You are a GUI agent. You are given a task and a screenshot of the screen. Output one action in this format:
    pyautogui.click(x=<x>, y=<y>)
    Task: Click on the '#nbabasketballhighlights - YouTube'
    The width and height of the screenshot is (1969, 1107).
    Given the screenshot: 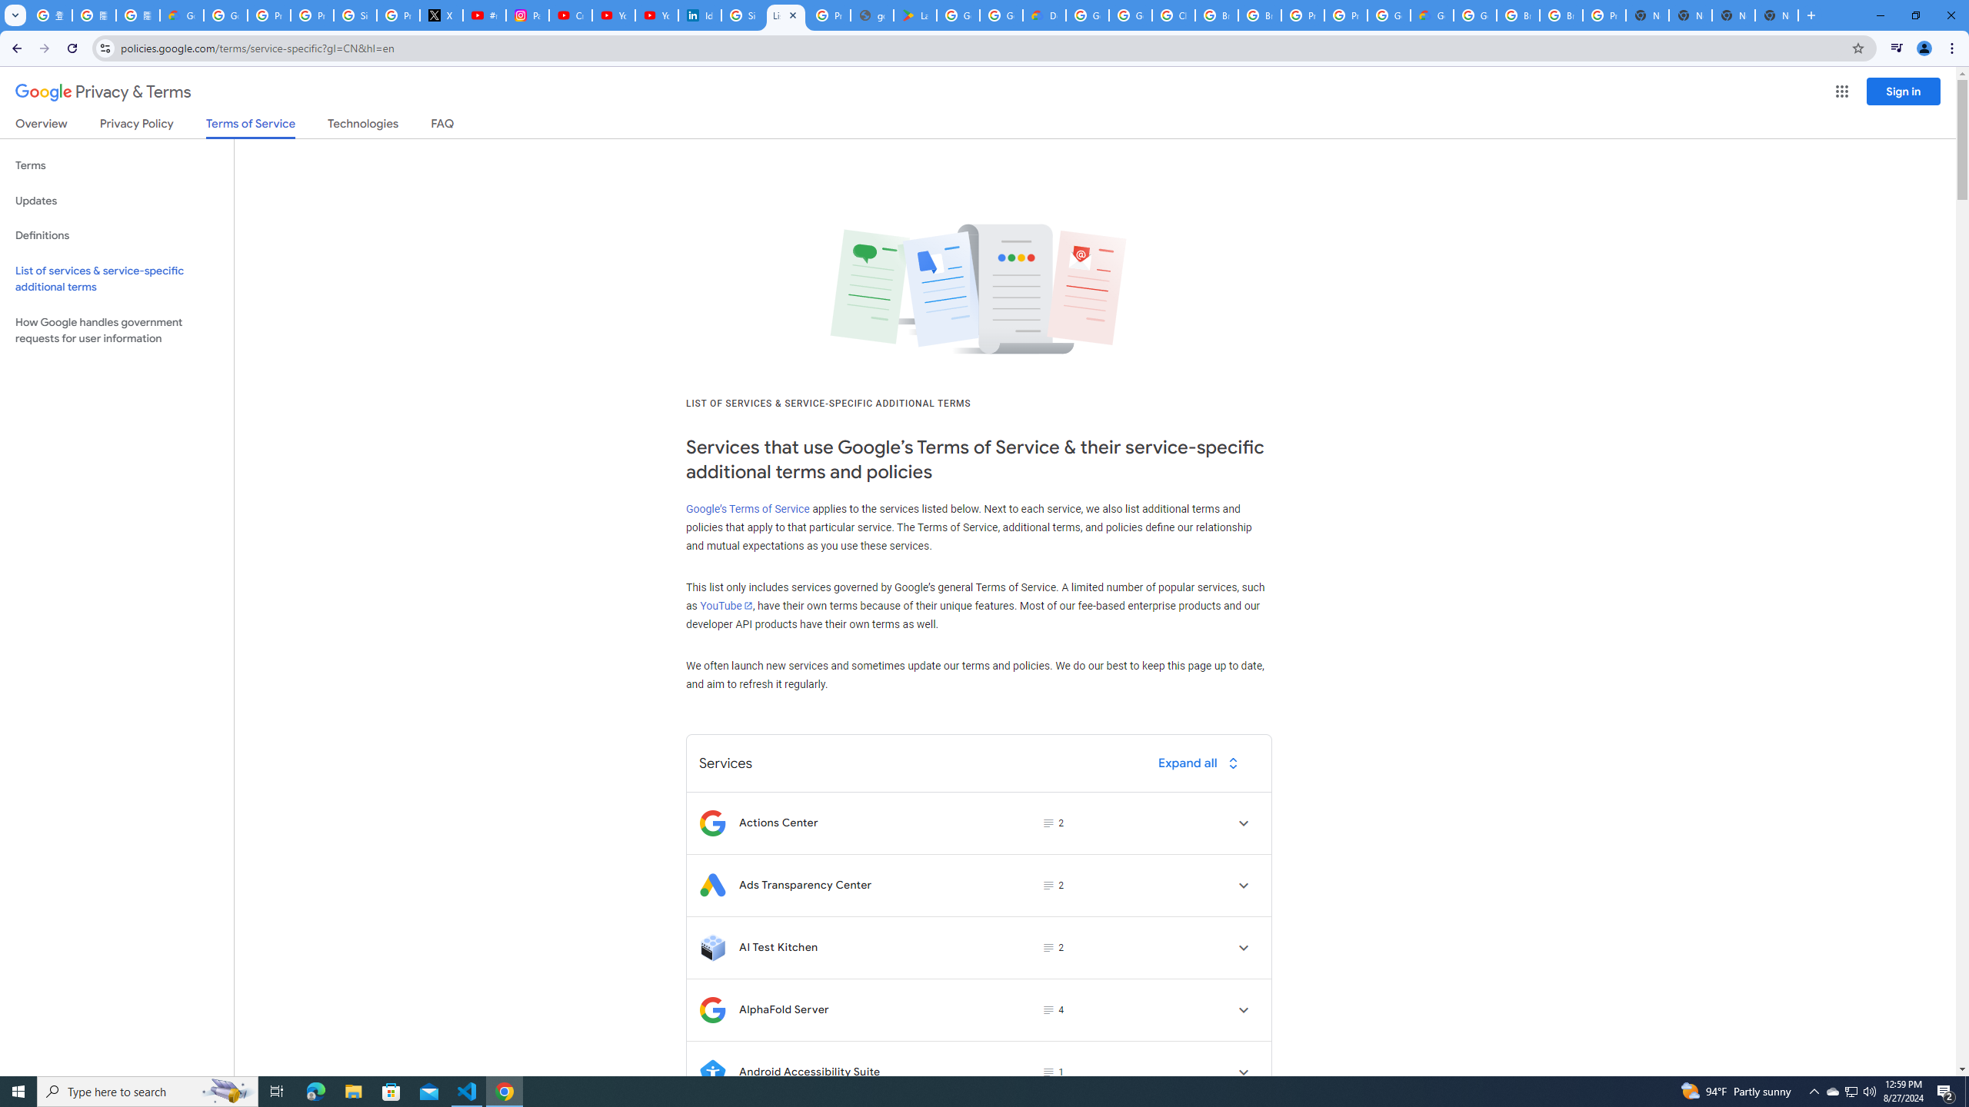 What is the action you would take?
    pyautogui.click(x=485, y=15)
    